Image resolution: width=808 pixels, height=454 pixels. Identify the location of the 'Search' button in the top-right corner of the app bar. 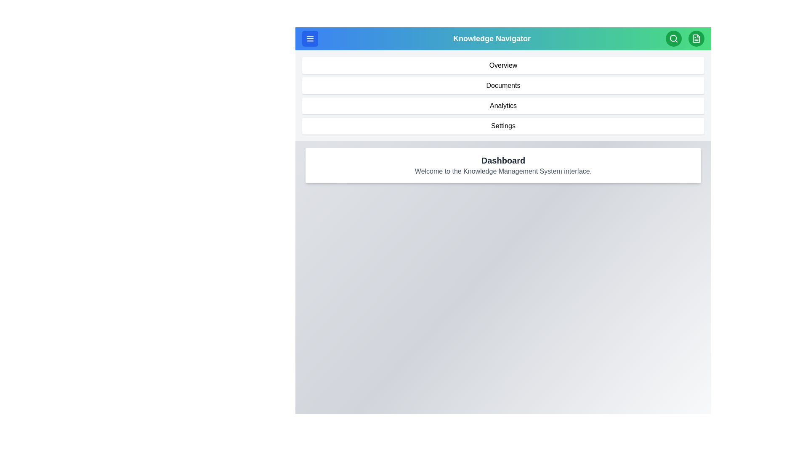
(674, 39).